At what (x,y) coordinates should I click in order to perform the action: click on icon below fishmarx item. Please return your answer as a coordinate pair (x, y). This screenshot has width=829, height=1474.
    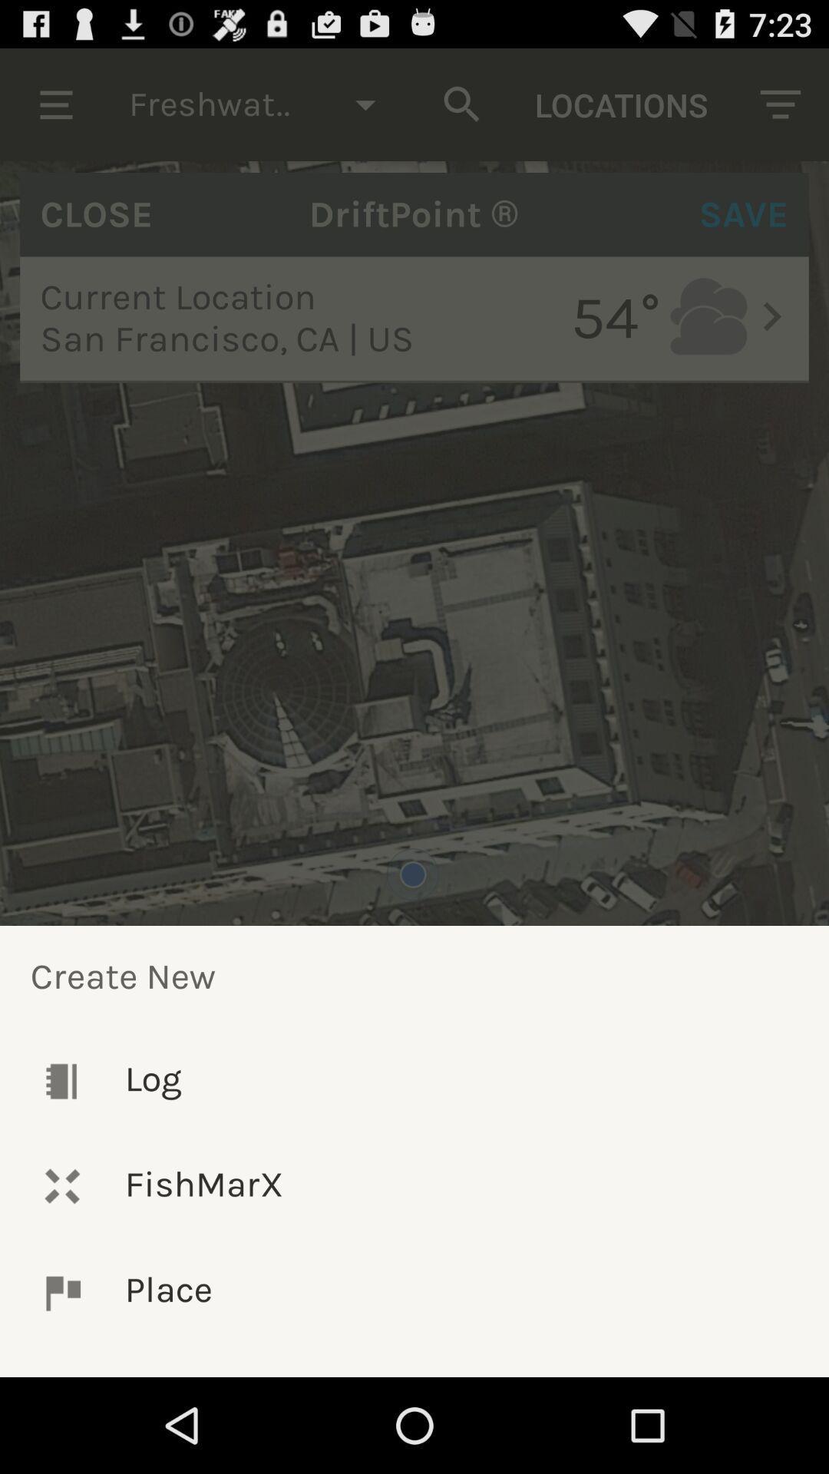
    Looking at the image, I should click on (414, 1292).